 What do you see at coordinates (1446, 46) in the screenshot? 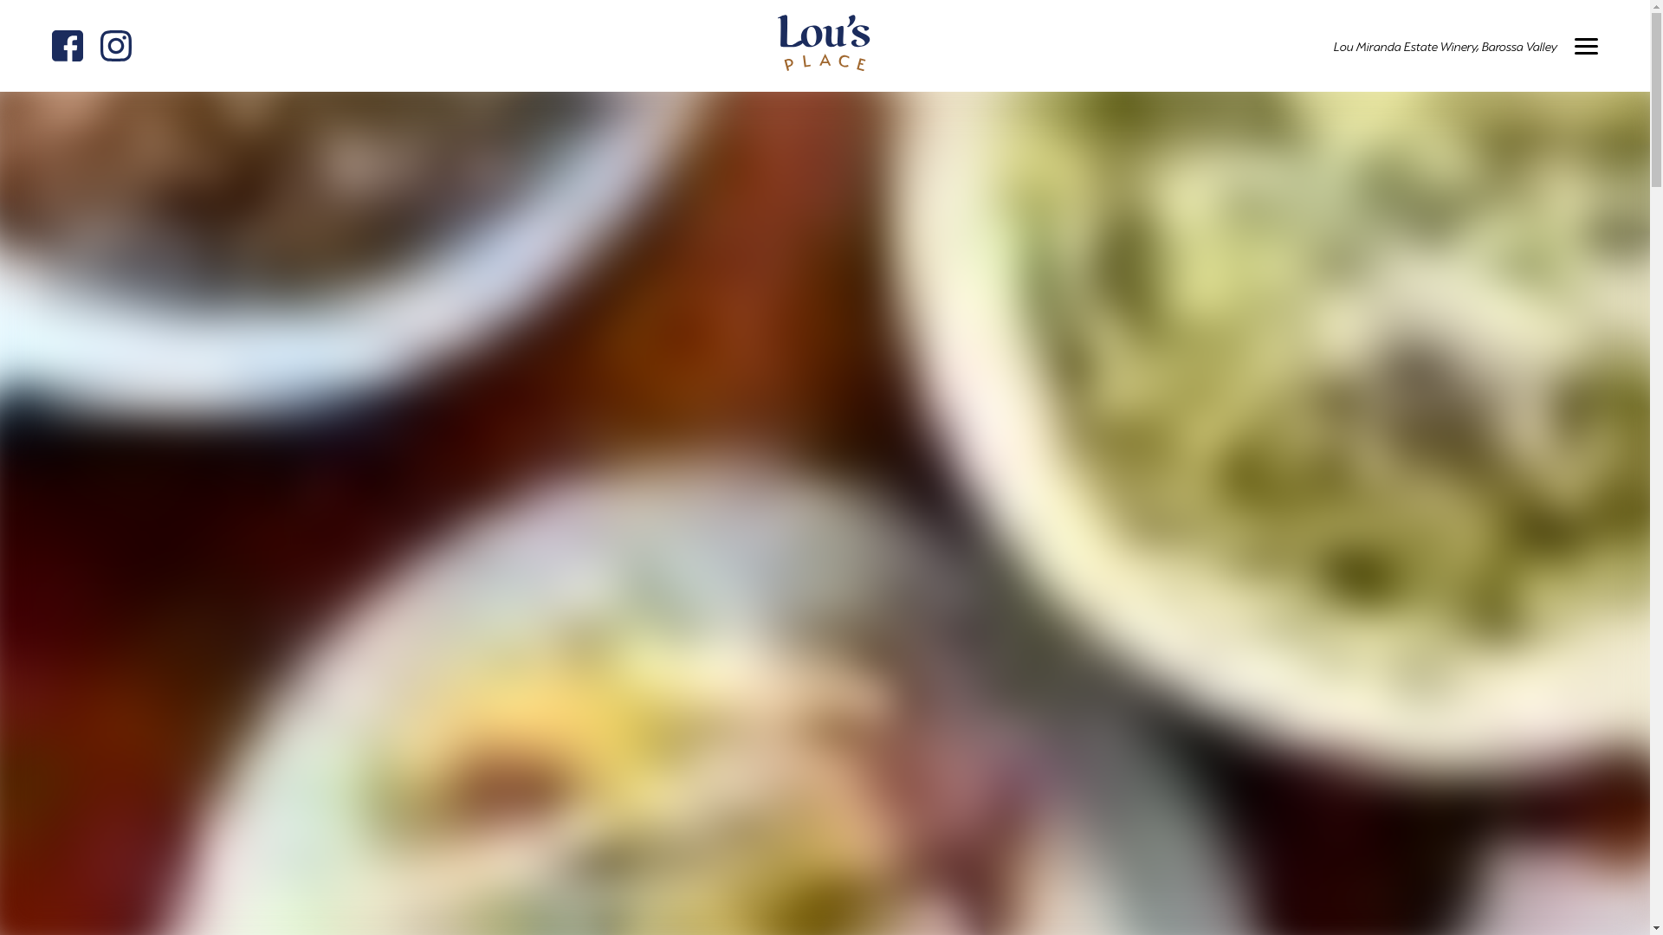
I see `'Lou Miranda Estate Winery,` at bounding box center [1446, 46].